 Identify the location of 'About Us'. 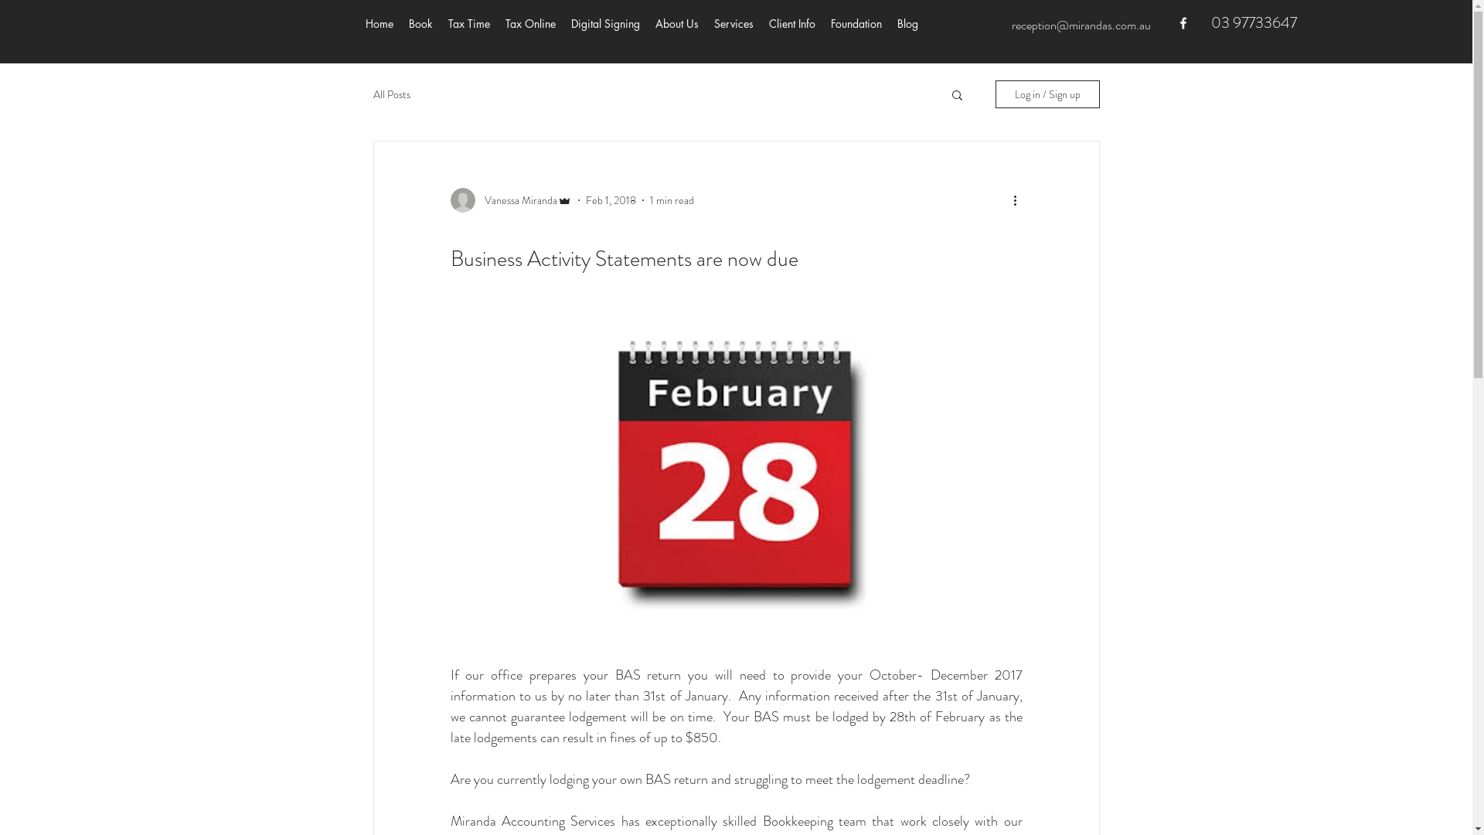
(676, 23).